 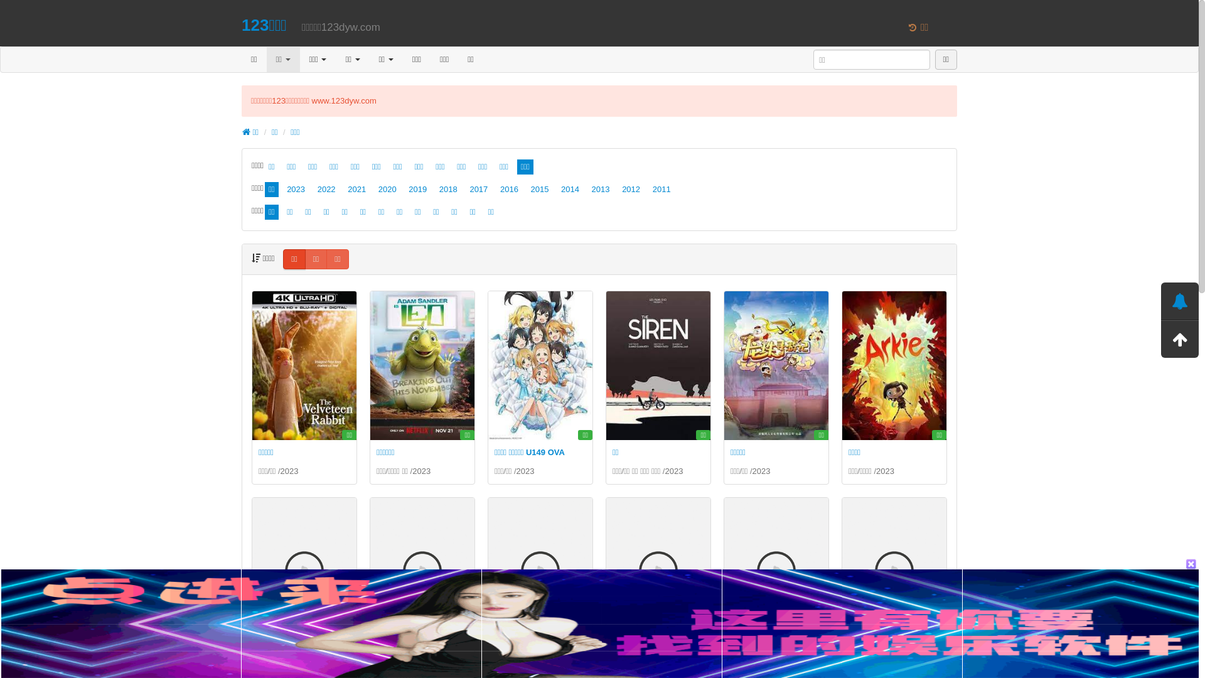 What do you see at coordinates (448, 189) in the screenshot?
I see `'2018'` at bounding box center [448, 189].